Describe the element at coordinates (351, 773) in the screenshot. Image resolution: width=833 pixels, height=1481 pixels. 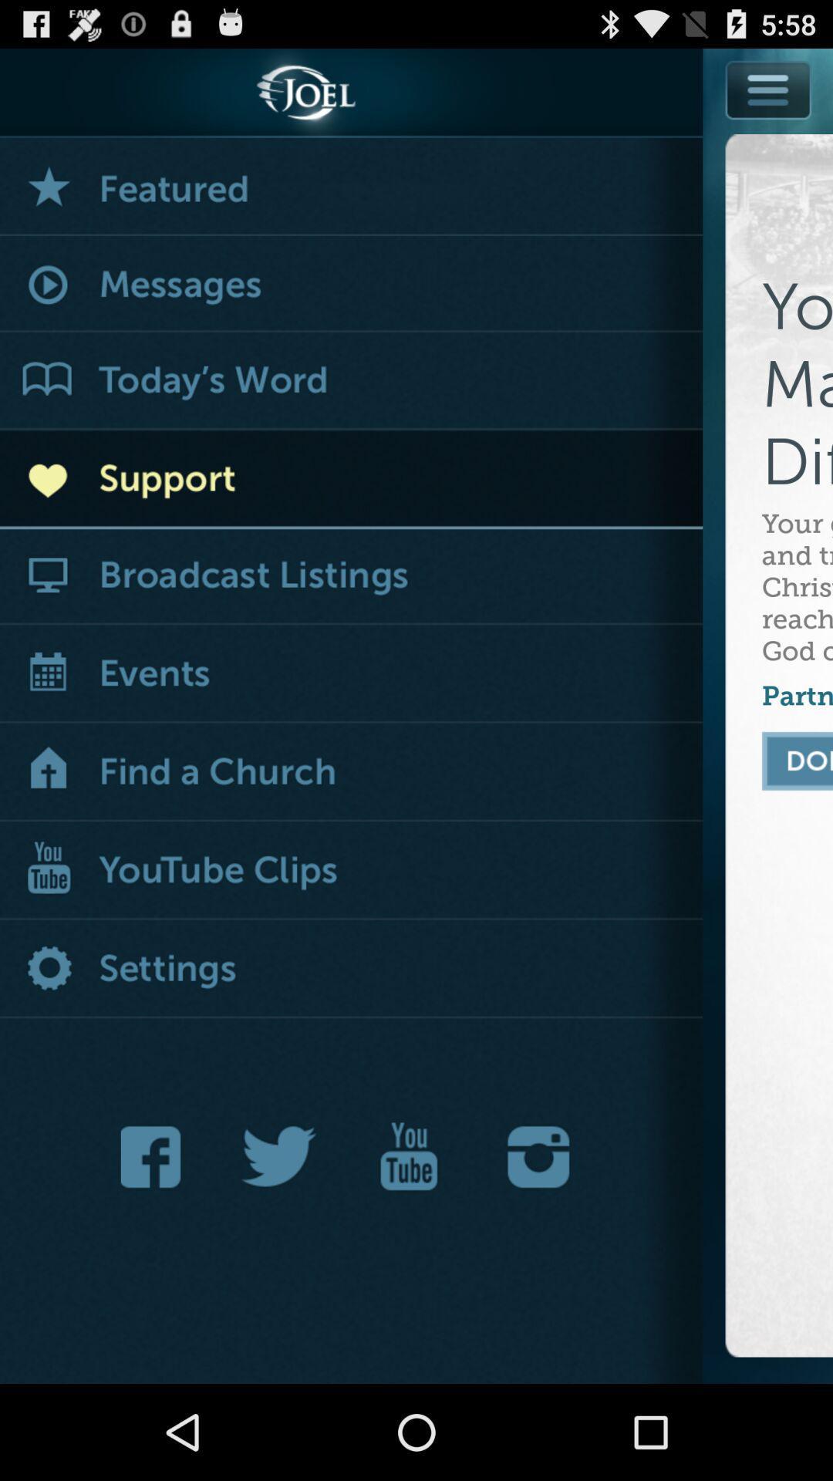
I see `the app to the left of the partner with us icon` at that location.